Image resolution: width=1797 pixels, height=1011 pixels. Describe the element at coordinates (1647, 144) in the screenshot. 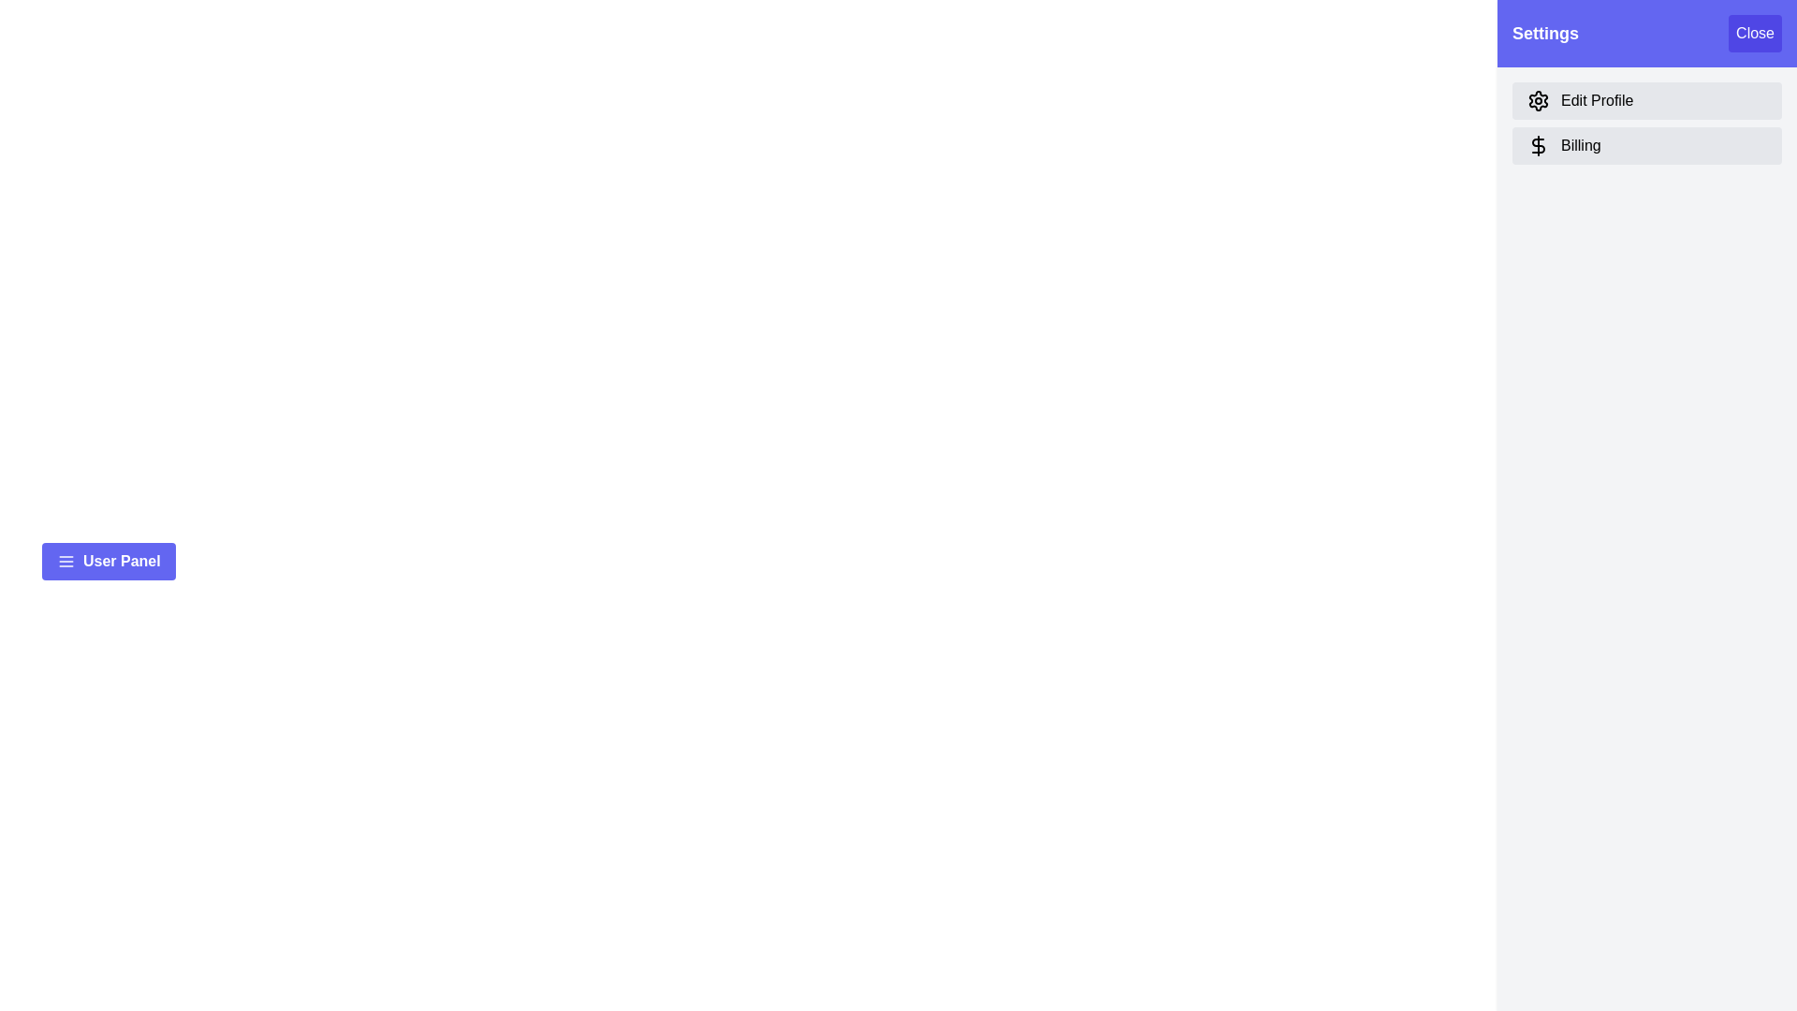

I see `the 'Billing' button` at that location.